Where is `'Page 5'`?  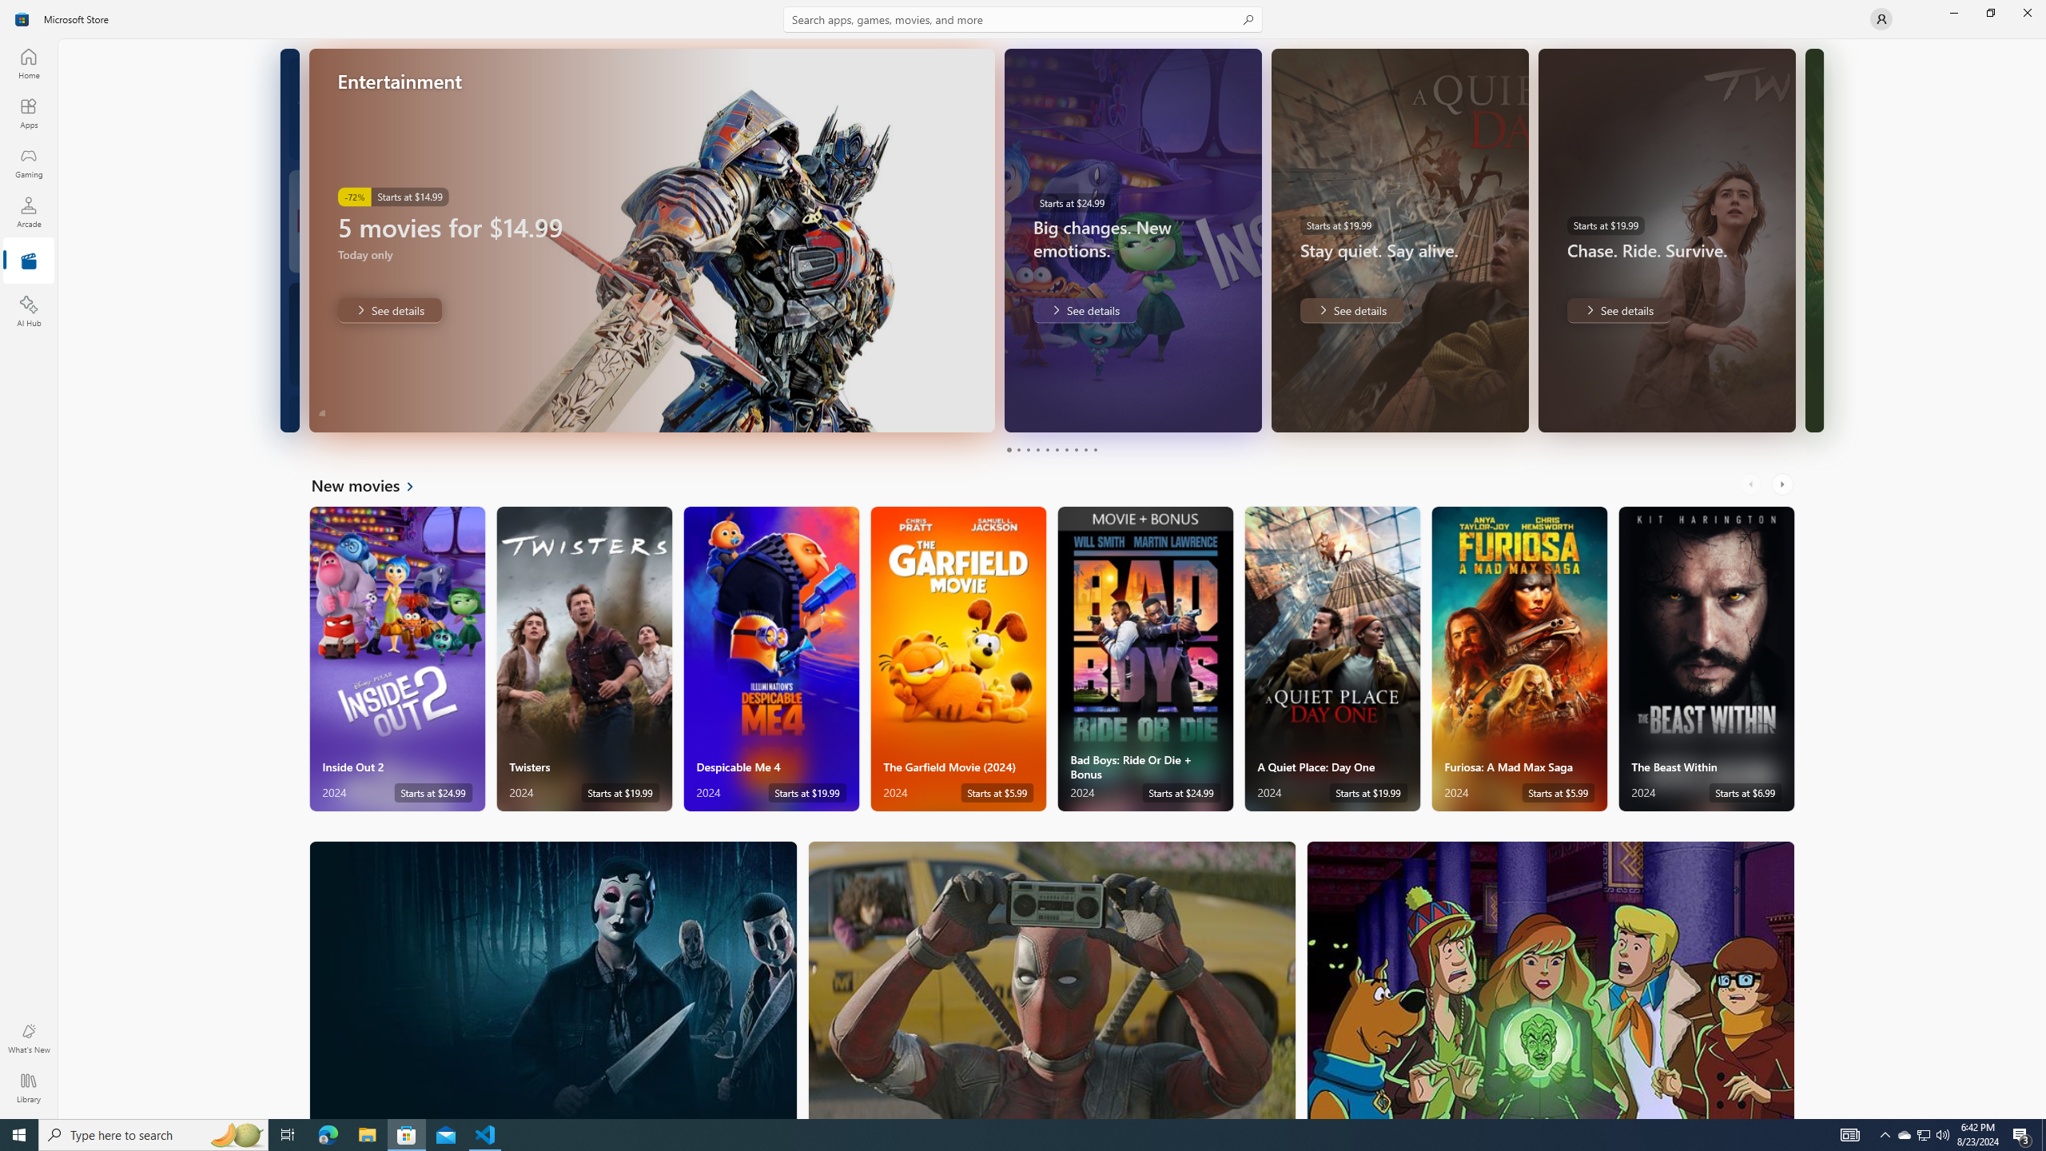 'Page 5' is located at coordinates (1045, 449).